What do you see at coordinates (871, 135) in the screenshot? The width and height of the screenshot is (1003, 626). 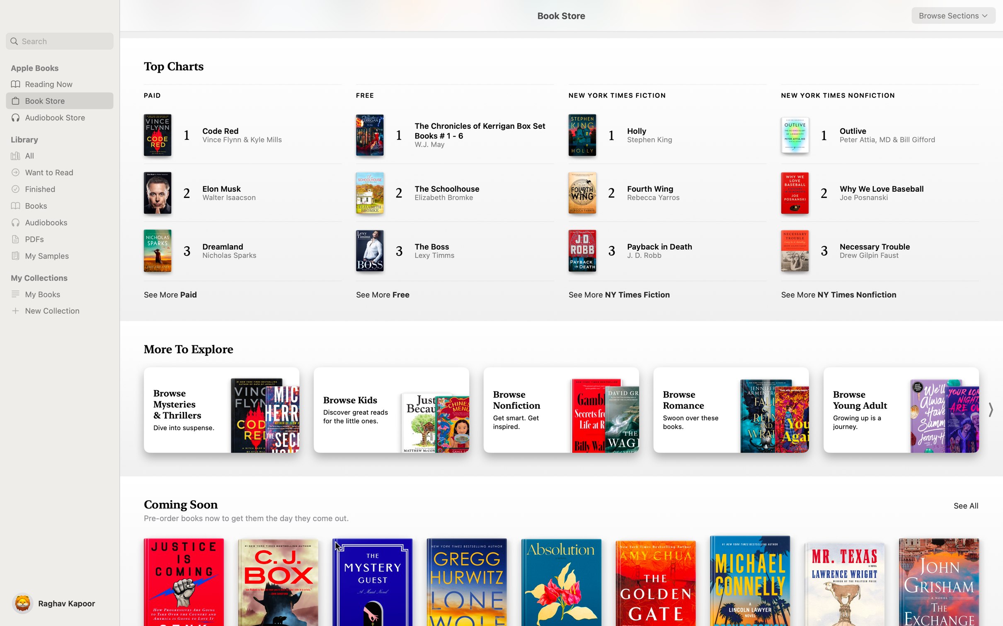 I see `and view "Outlive" from NY Times Notifications` at bounding box center [871, 135].